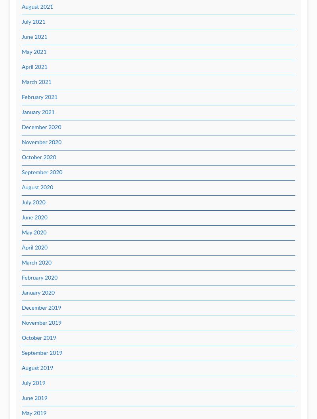  Describe the element at coordinates (41, 143) in the screenshot. I see `'November 2020'` at that location.